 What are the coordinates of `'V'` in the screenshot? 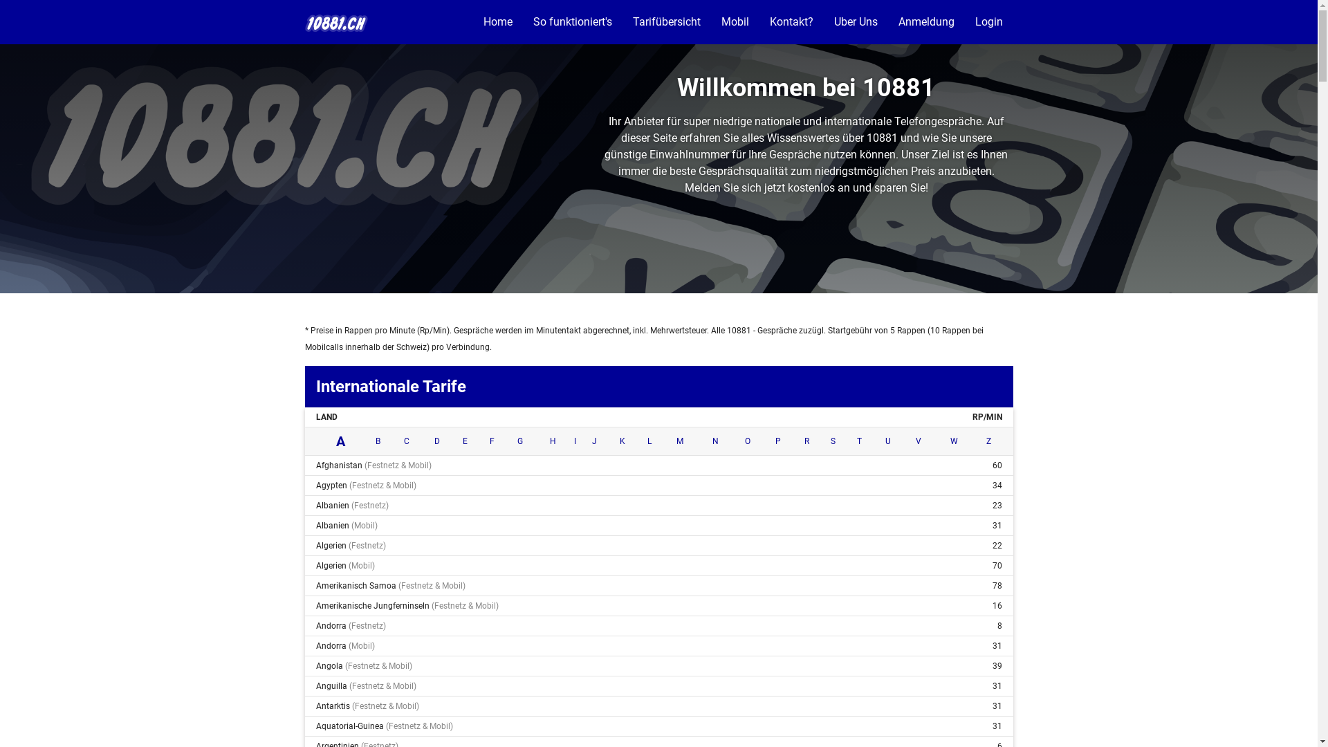 It's located at (916, 441).